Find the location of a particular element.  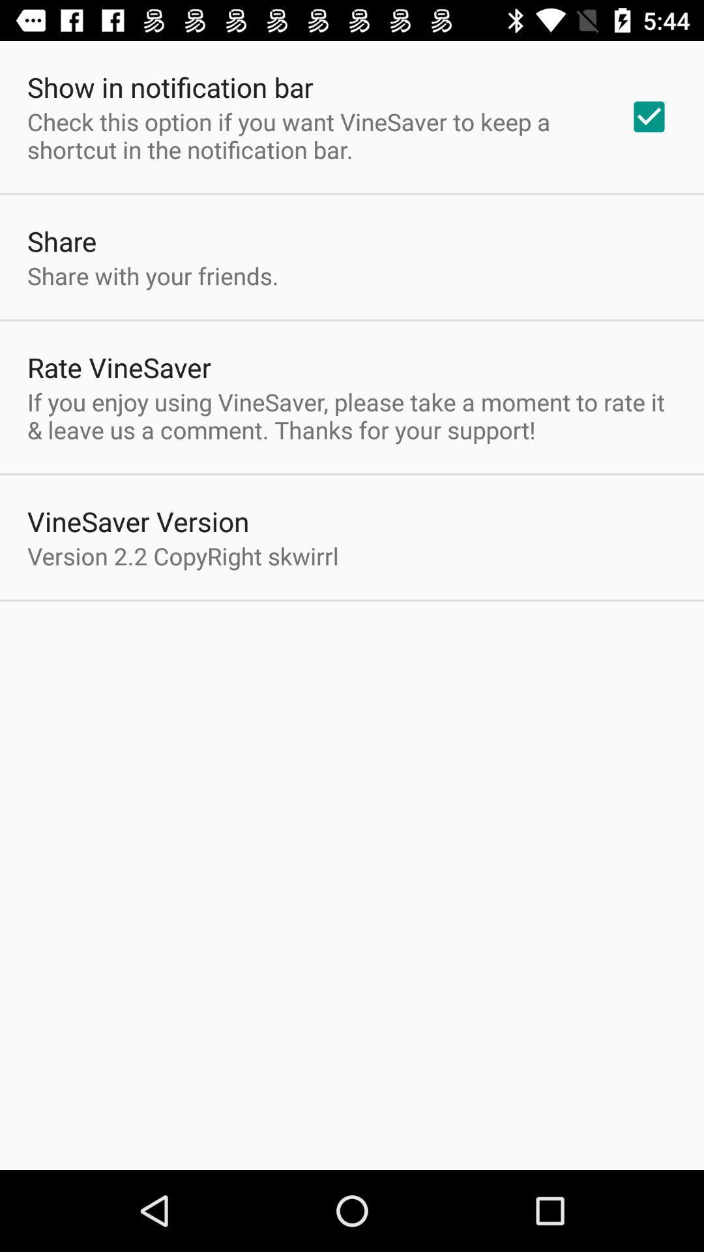

version 2 2 app is located at coordinates (183, 556).